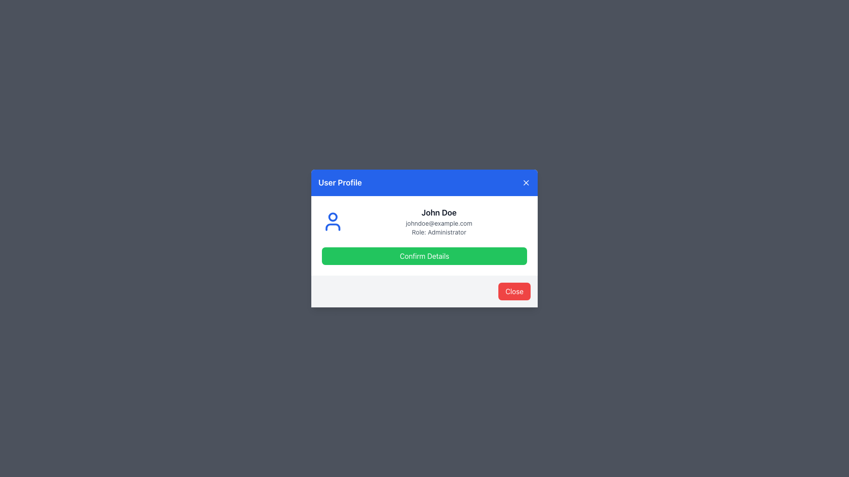  Describe the element at coordinates (514, 291) in the screenshot. I see `the 'Close' button with white text on a red background located in the bottom-right corner of the modal dialog` at that location.